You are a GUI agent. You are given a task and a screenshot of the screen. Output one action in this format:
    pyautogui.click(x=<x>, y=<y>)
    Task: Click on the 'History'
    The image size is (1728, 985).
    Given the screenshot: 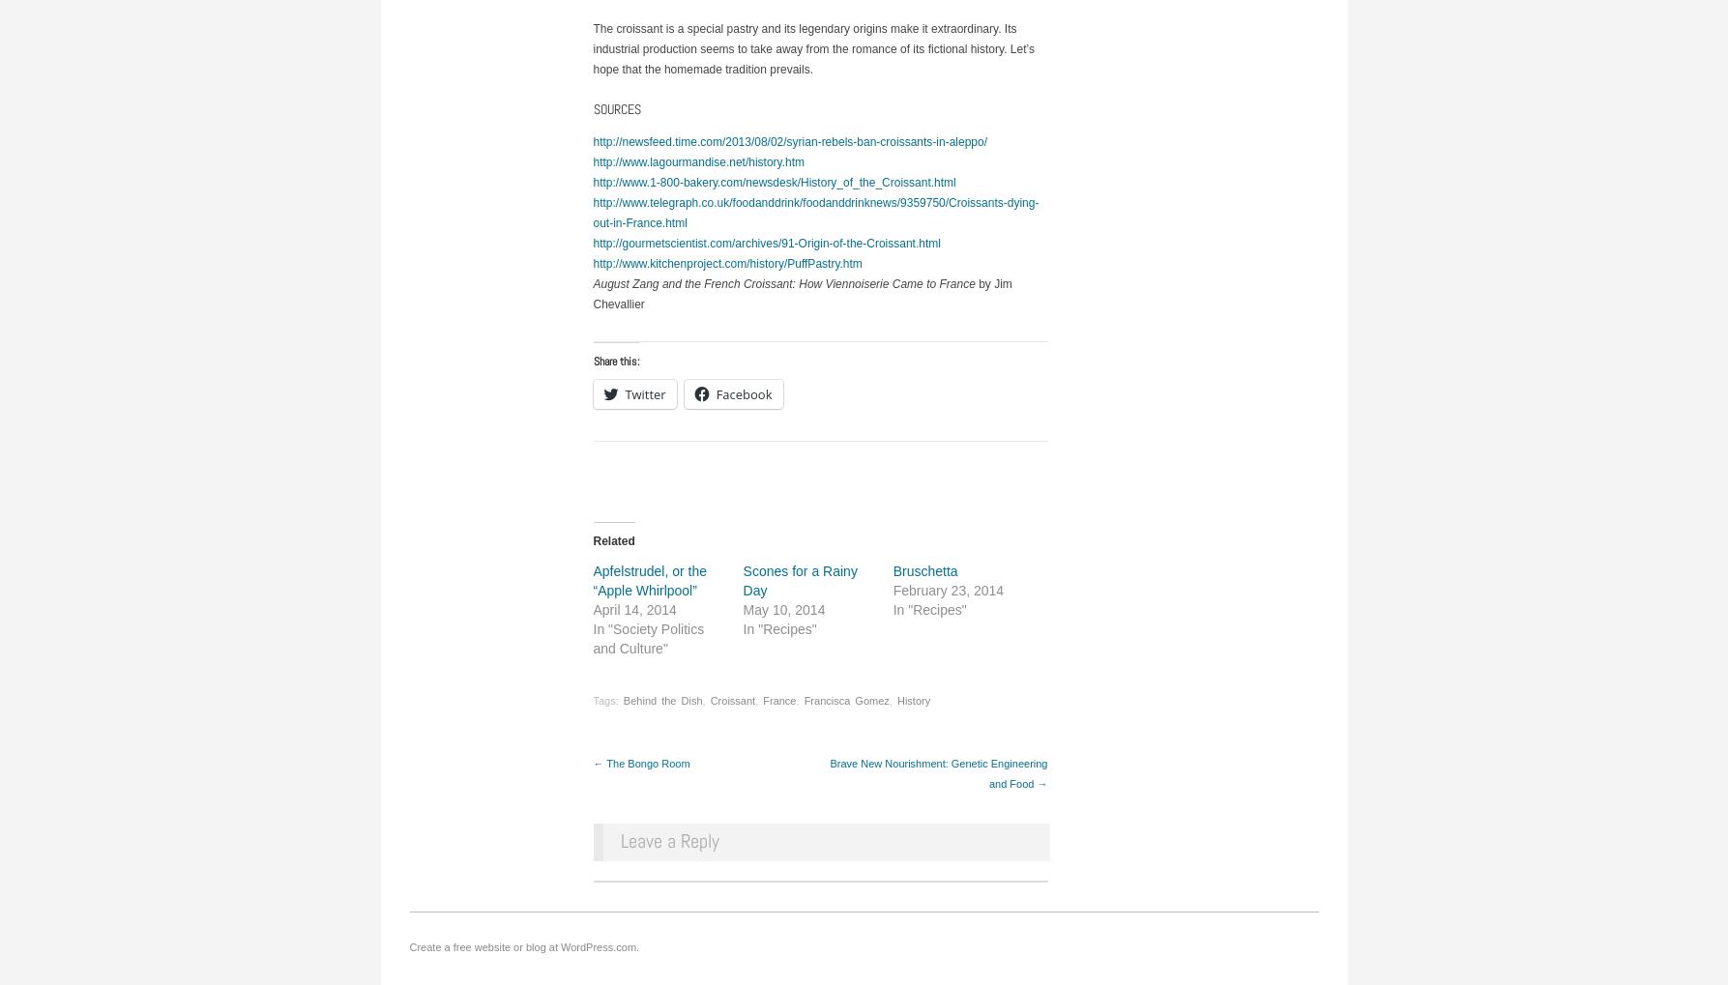 What is the action you would take?
    pyautogui.click(x=912, y=699)
    